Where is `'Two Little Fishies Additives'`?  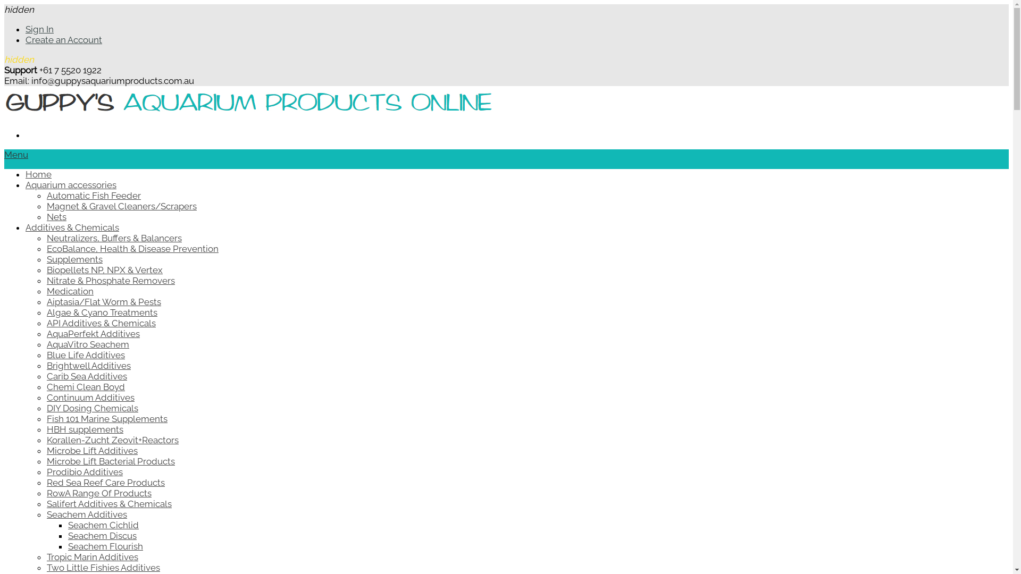
'Two Little Fishies Additives' is located at coordinates (46, 567).